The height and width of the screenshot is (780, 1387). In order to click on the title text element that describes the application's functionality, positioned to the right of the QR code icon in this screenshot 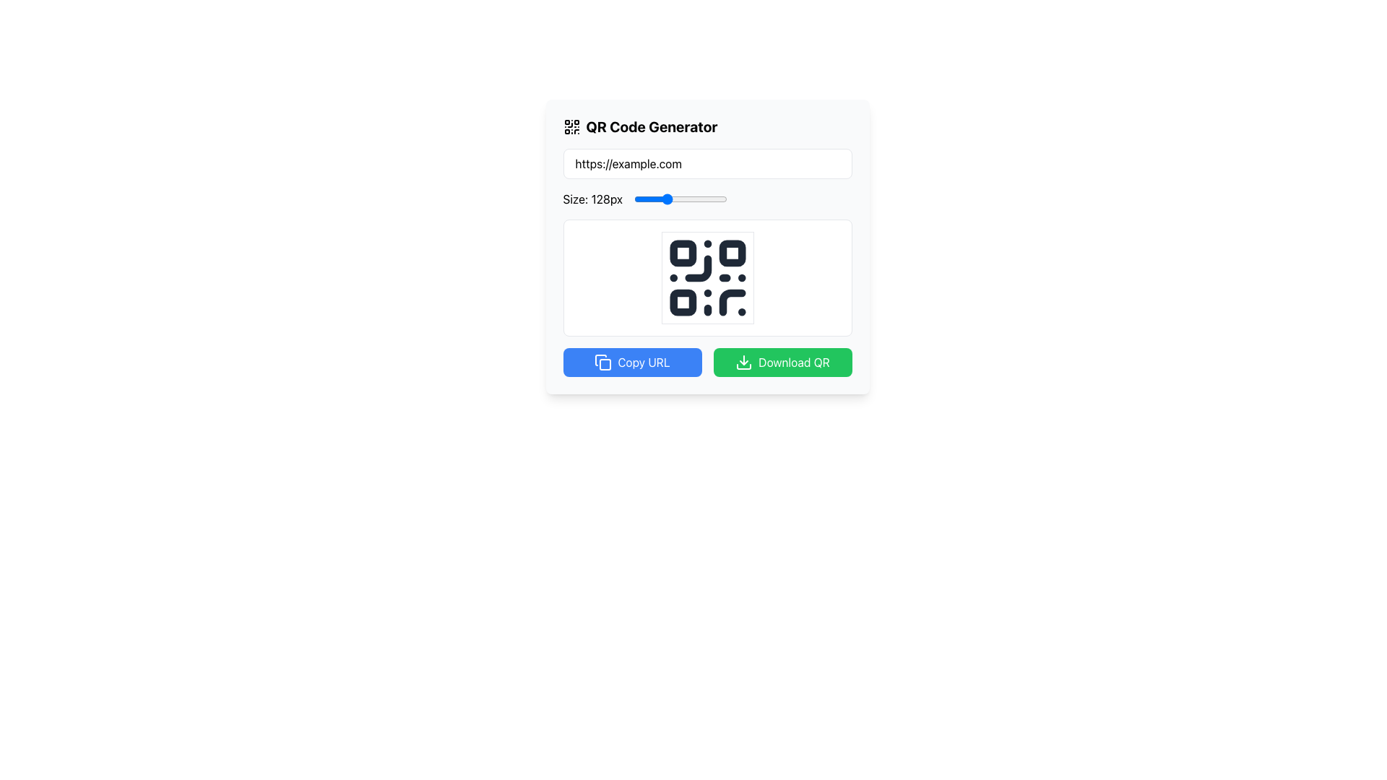, I will do `click(651, 126)`.